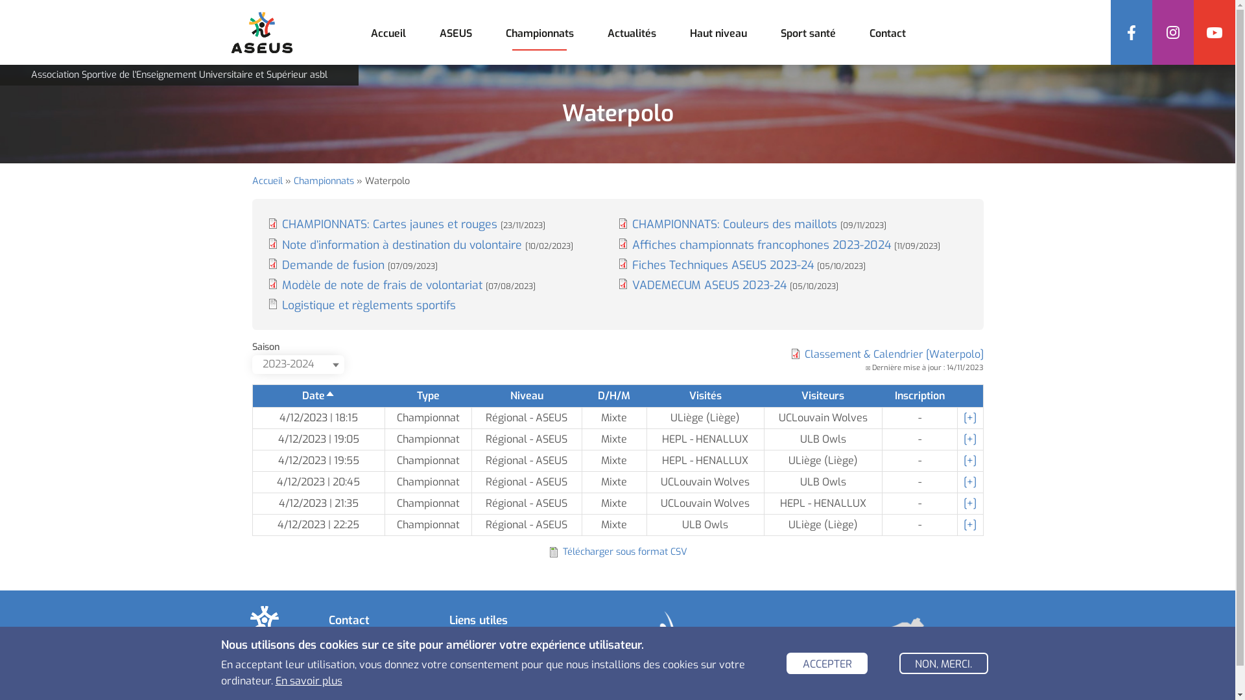  What do you see at coordinates (964, 524) in the screenshot?
I see `'[+]'` at bounding box center [964, 524].